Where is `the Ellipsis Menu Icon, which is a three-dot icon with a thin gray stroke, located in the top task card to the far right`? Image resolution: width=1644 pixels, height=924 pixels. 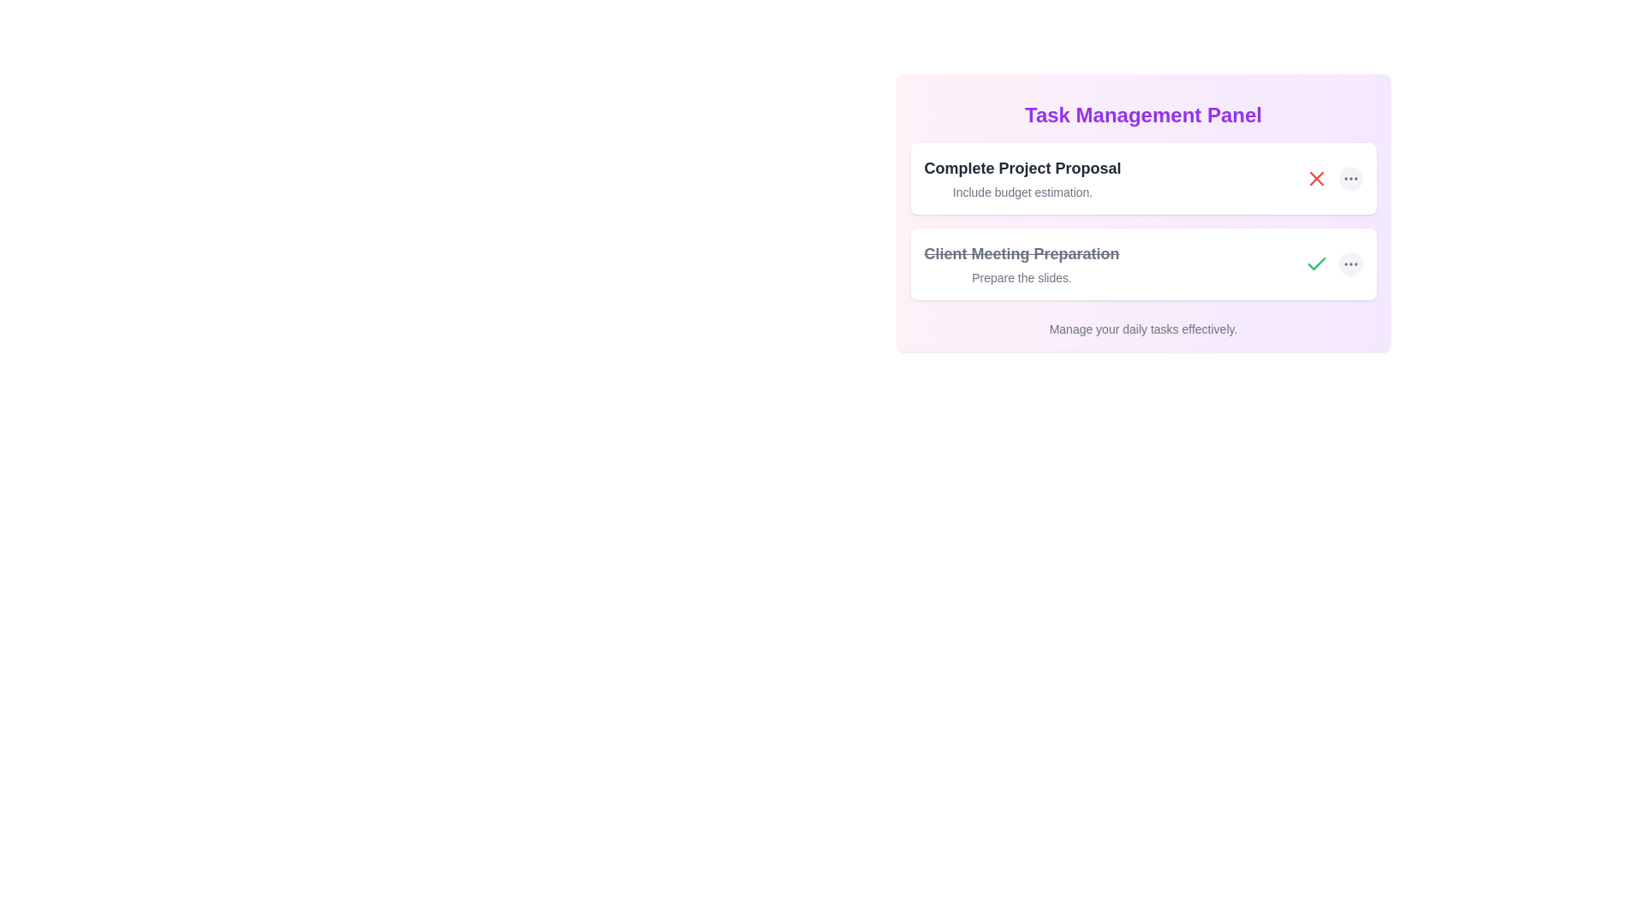 the Ellipsis Menu Icon, which is a three-dot icon with a thin gray stroke, located in the top task card to the far right is located at coordinates (1349, 264).